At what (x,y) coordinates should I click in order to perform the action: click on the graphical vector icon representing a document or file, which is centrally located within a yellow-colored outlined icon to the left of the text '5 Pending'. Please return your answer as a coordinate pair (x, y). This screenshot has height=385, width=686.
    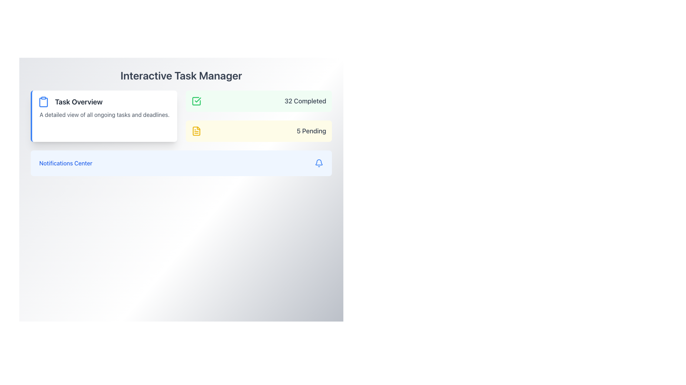
    Looking at the image, I should click on (196, 131).